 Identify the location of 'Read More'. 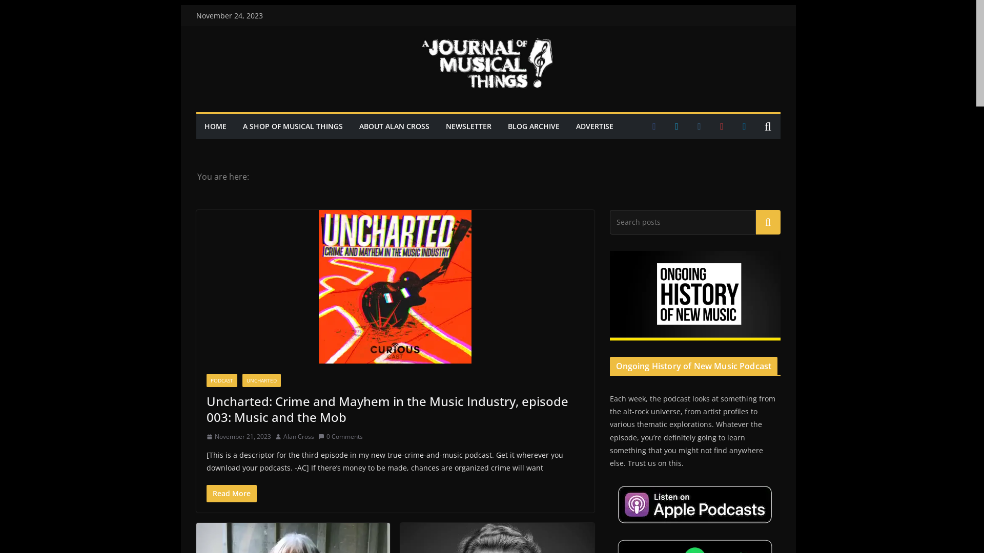
(206, 493).